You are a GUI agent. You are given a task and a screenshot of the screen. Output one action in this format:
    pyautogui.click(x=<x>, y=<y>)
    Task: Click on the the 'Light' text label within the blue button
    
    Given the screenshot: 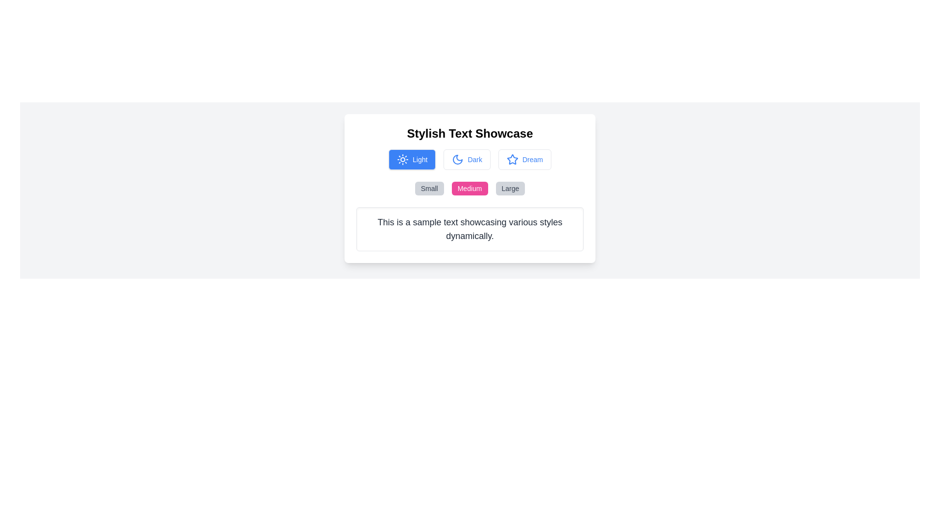 What is the action you would take?
    pyautogui.click(x=420, y=159)
    